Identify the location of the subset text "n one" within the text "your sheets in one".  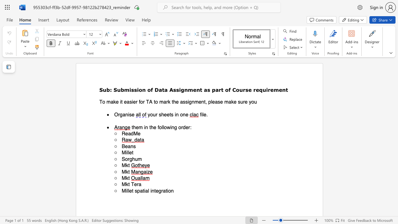
(175, 114).